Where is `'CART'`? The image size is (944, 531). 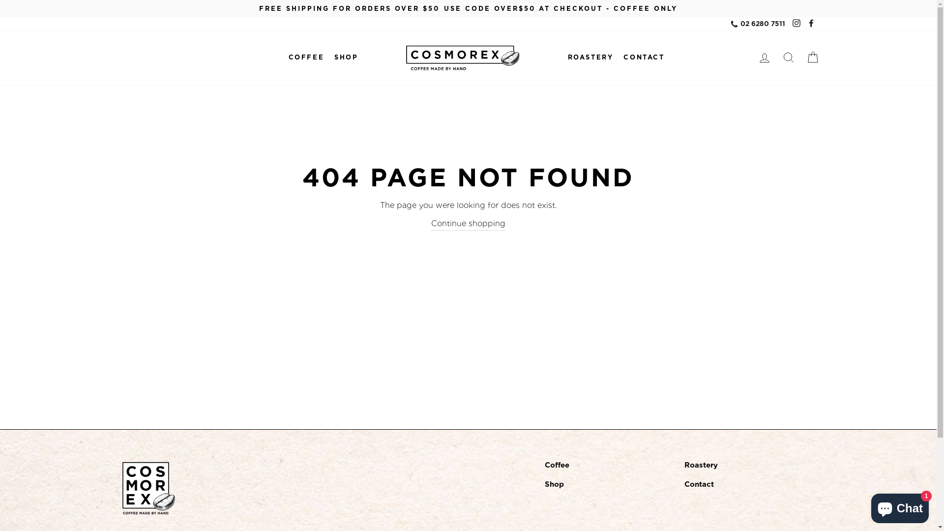 'CART' is located at coordinates (801, 58).